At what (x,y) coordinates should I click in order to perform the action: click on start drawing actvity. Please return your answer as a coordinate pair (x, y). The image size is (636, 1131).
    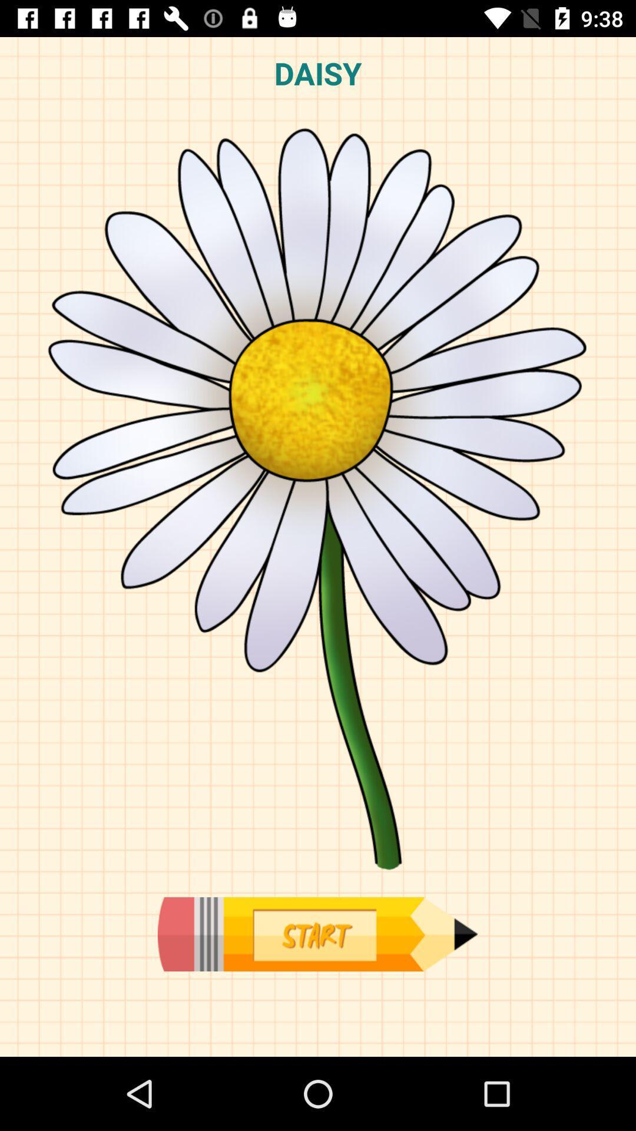
    Looking at the image, I should click on (317, 934).